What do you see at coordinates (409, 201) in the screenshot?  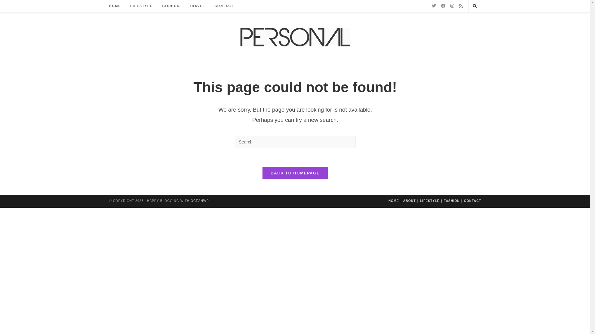 I see `'ABOUT'` at bounding box center [409, 201].